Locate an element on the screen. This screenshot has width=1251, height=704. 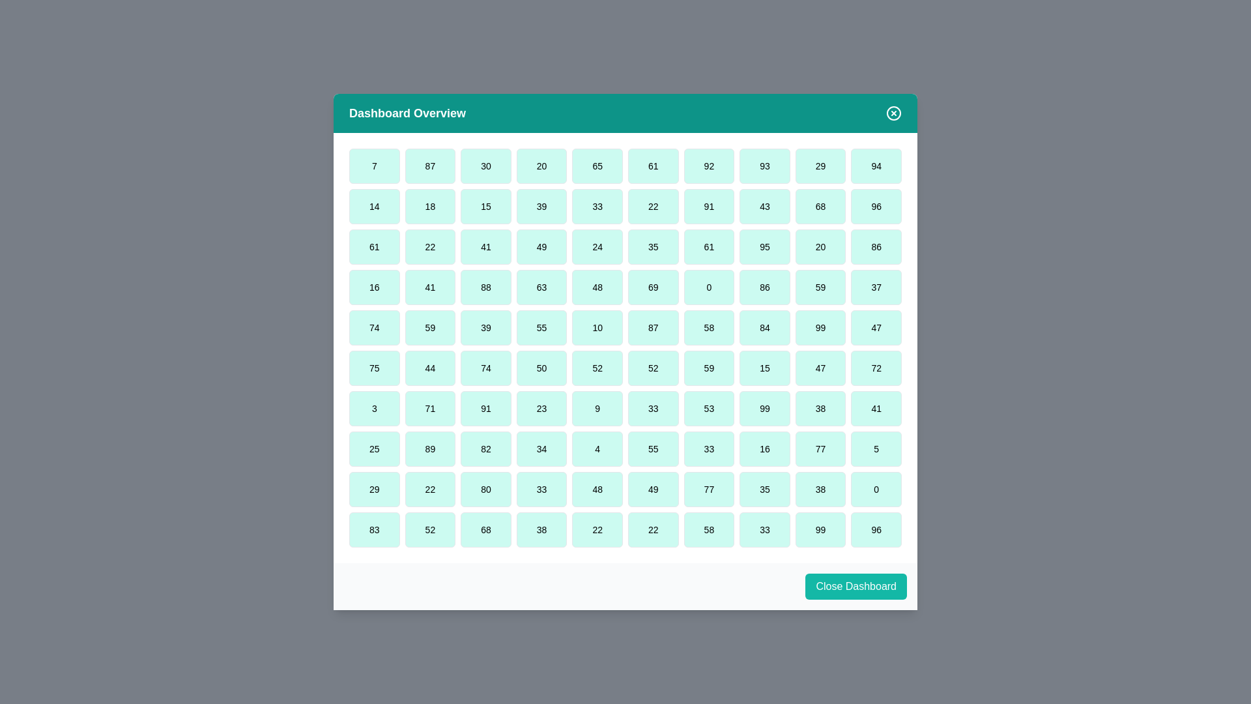
the 'Close Dashboard' button to close the dialog is located at coordinates (856, 585).